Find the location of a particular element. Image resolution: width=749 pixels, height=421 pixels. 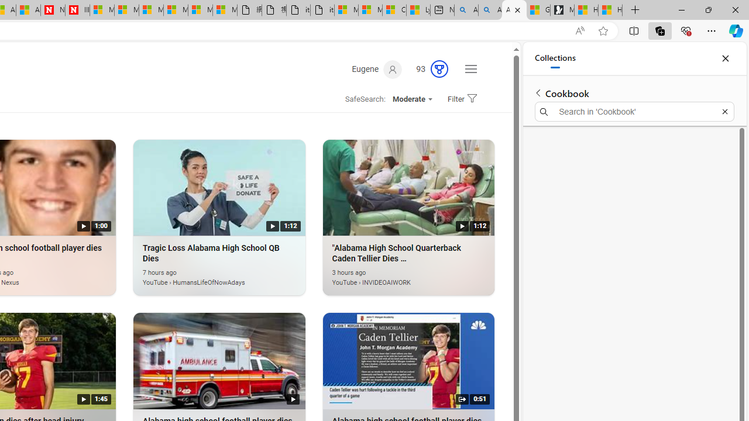

'Moderate SafeSearch:' is located at coordinates (412, 98).